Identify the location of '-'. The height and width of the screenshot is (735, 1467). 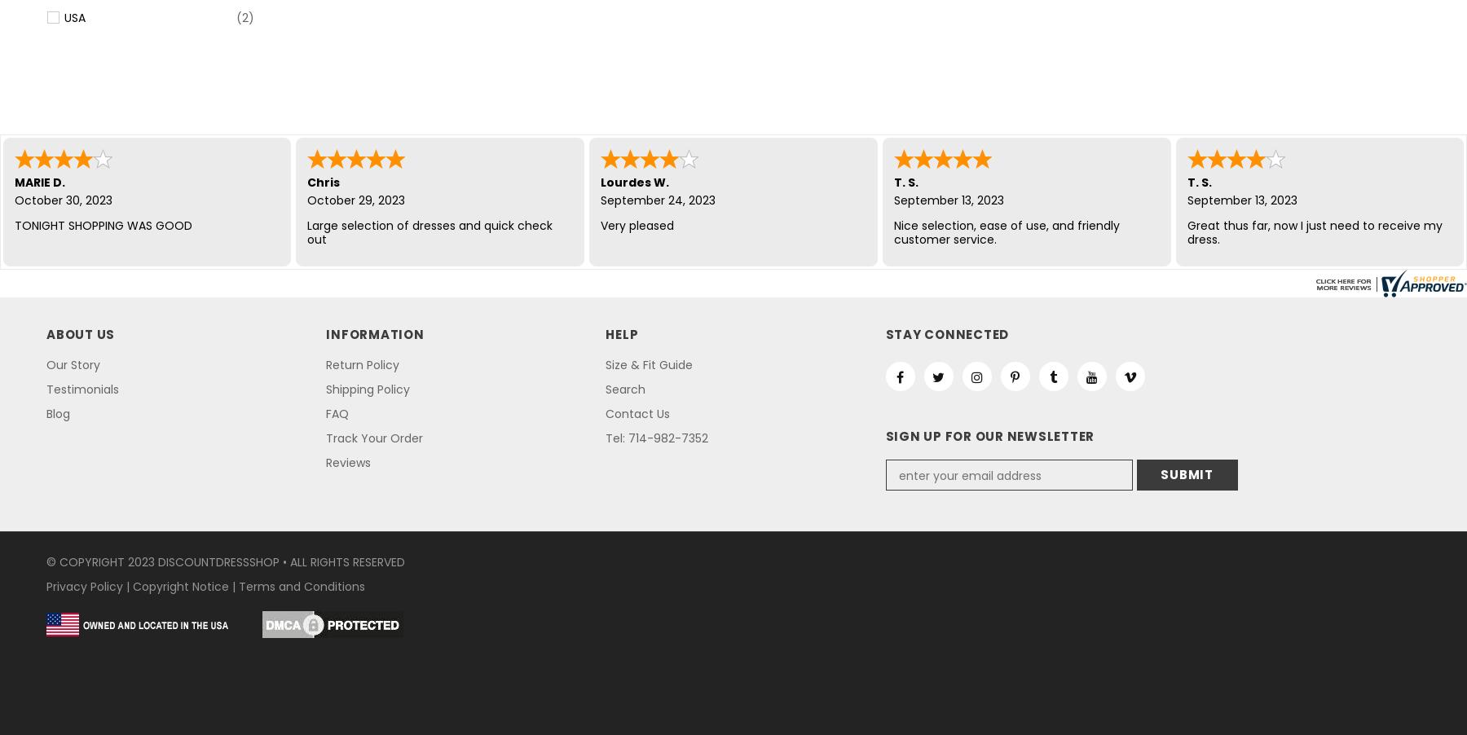
(1257, 181).